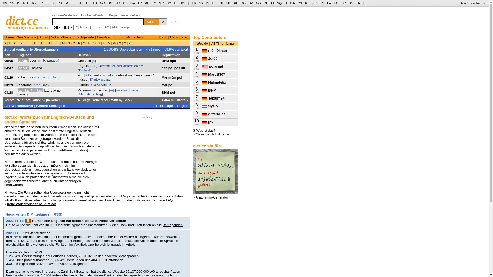 The height and width of the screenshot is (277, 493). I want to click on 'V', so click(107, 43).